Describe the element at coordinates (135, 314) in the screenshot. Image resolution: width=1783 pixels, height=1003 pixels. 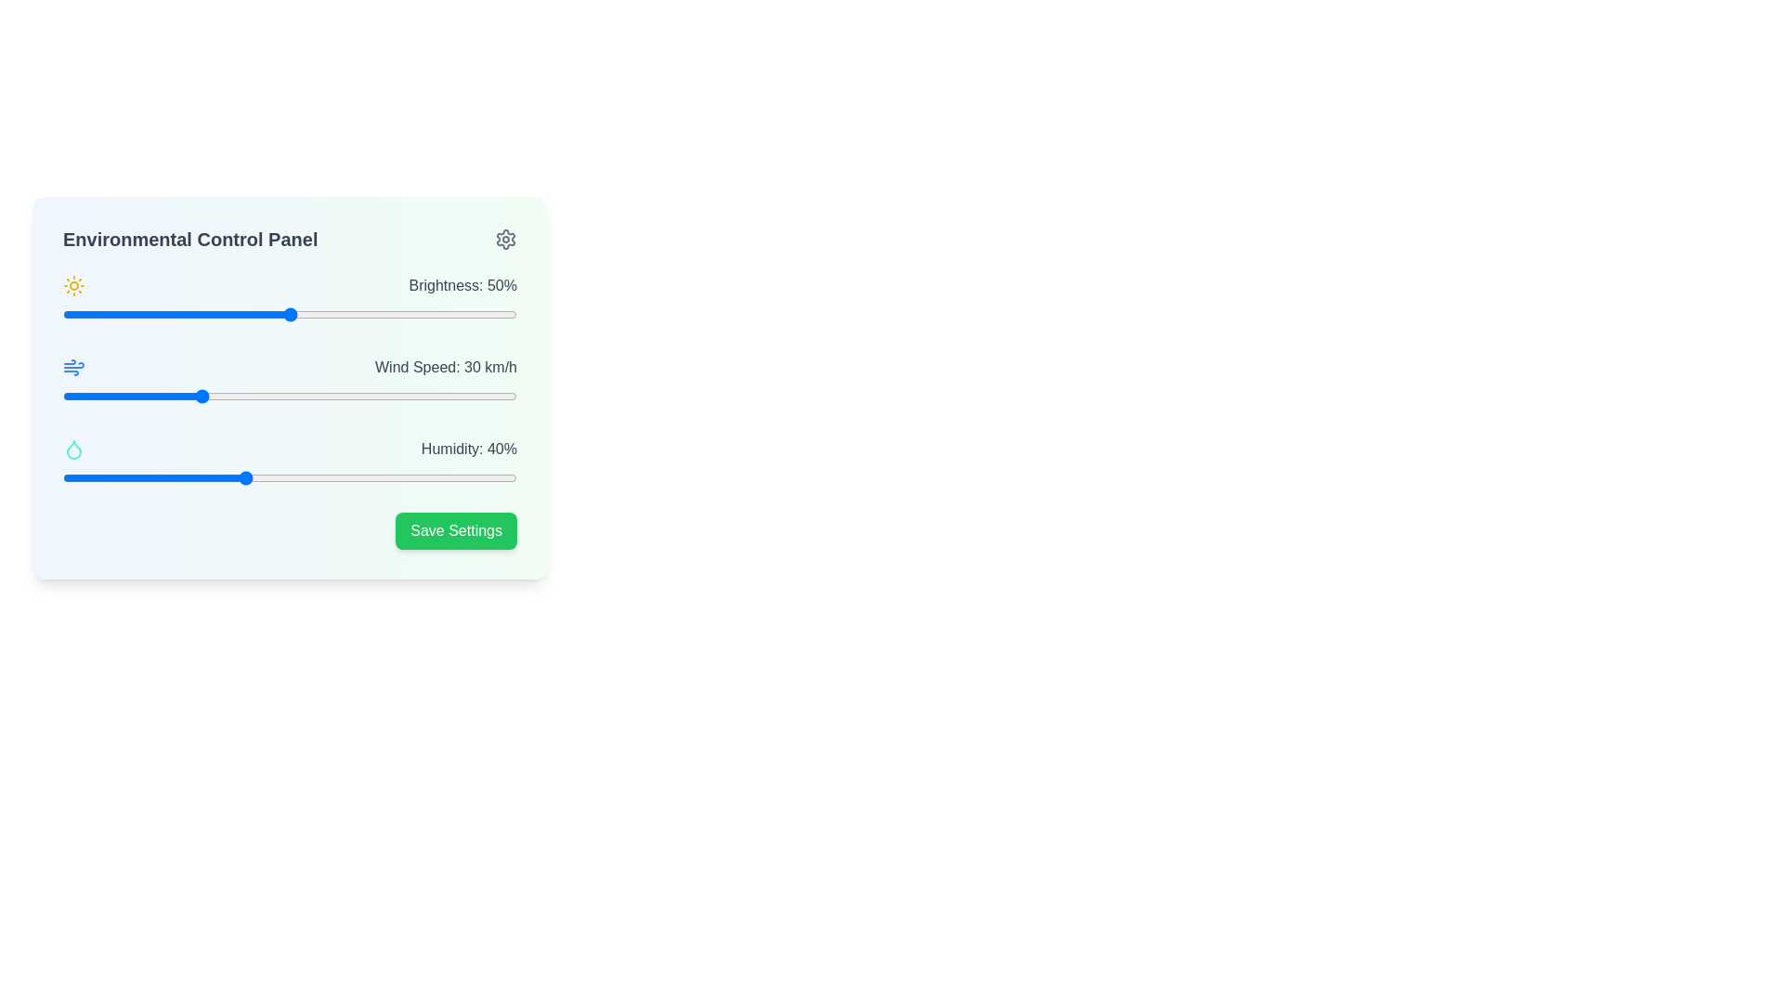
I see `the slider value` at that location.